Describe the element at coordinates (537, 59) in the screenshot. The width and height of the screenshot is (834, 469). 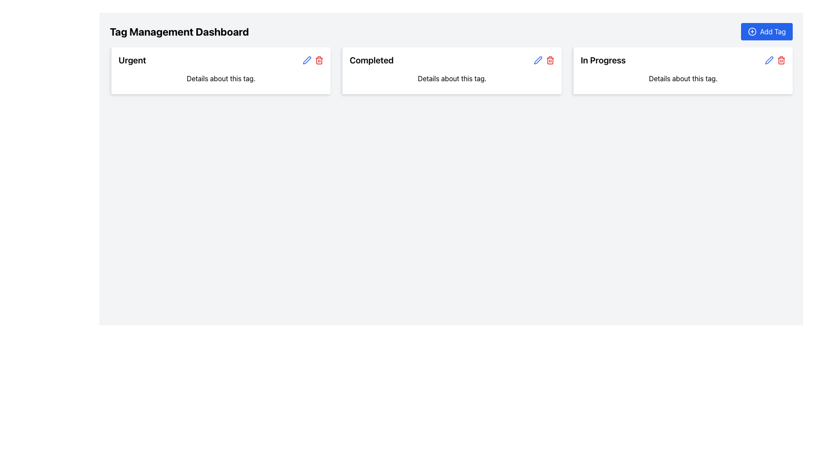
I see `the edit icon button, which resembles a pen and is located in the top-right corner of the 'In Progress' card` at that location.